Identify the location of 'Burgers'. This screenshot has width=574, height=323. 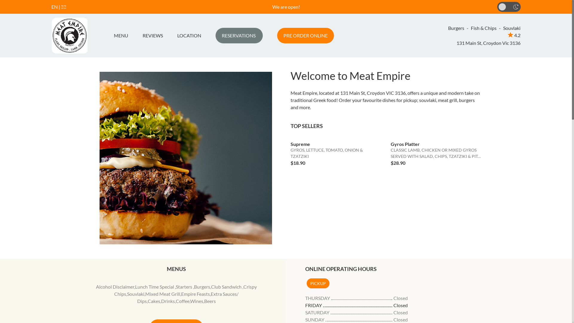
(194, 286).